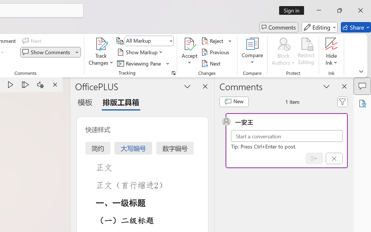 This screenshot has width=371, height=232. Describe the element at coordinates (306, 52) in the screenshot. I see `'Restrict Editing'` at that location.